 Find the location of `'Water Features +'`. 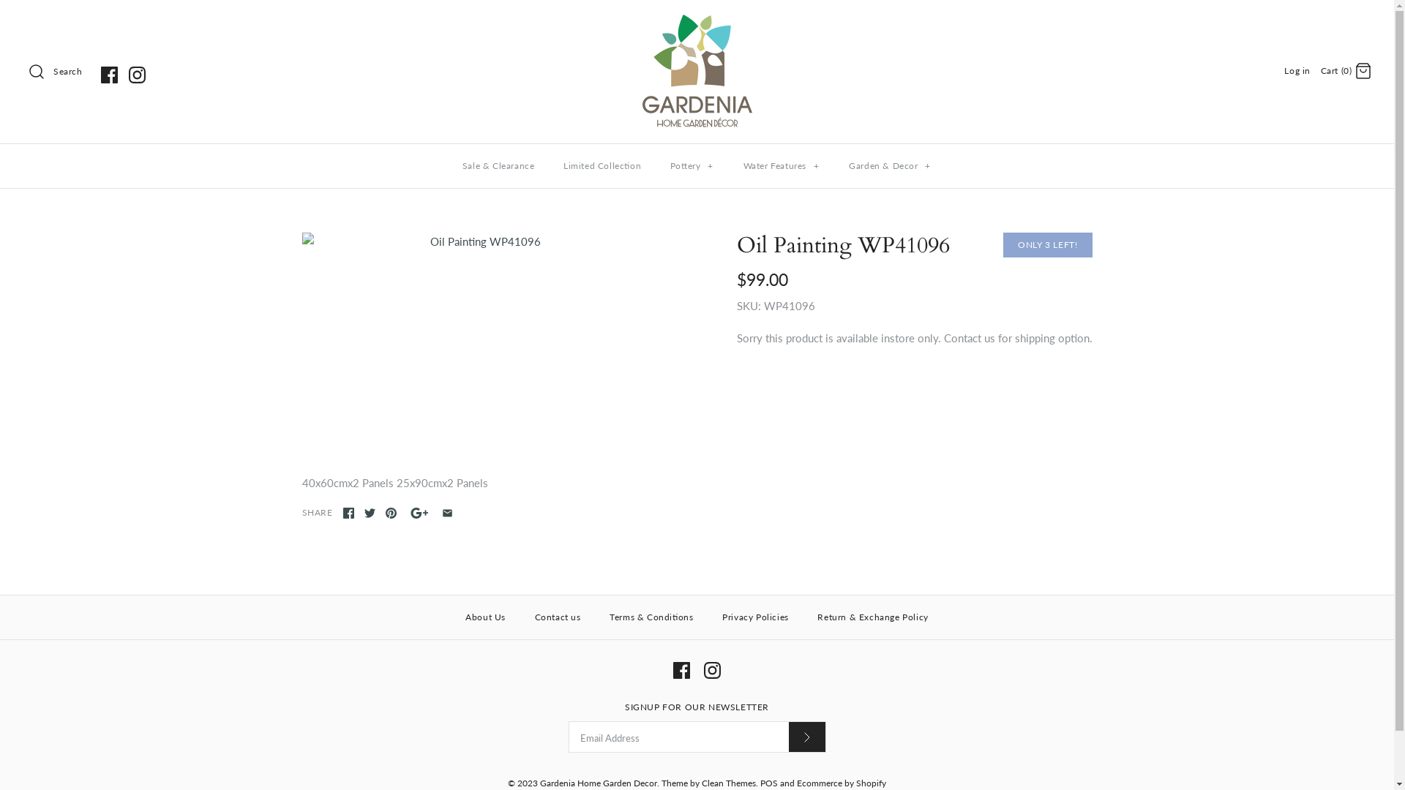

'Water Features +' is located at coordinates (781, 165).